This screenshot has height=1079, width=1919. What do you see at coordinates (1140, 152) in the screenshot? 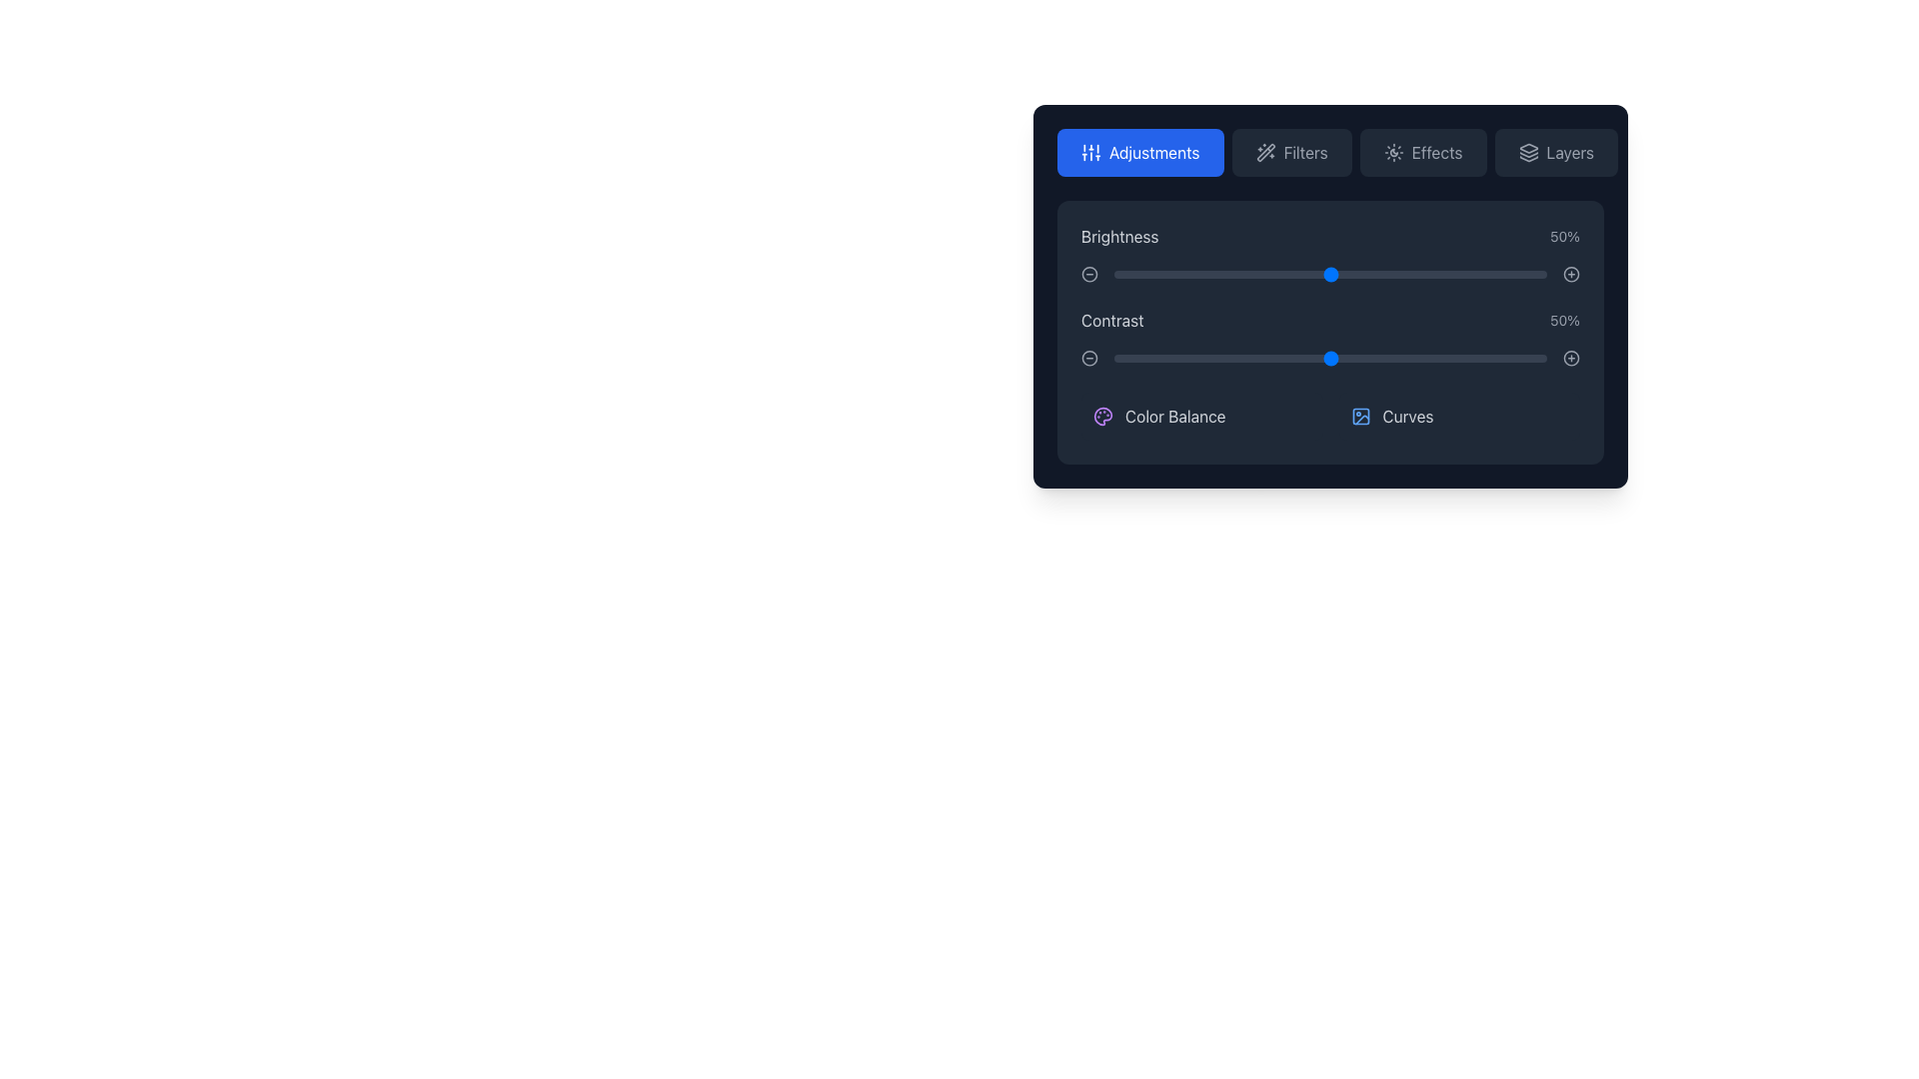
I see `the 'Adjustments' button located at the top left of the interface for keyboard navigation` at bounding box center [1140, 152].